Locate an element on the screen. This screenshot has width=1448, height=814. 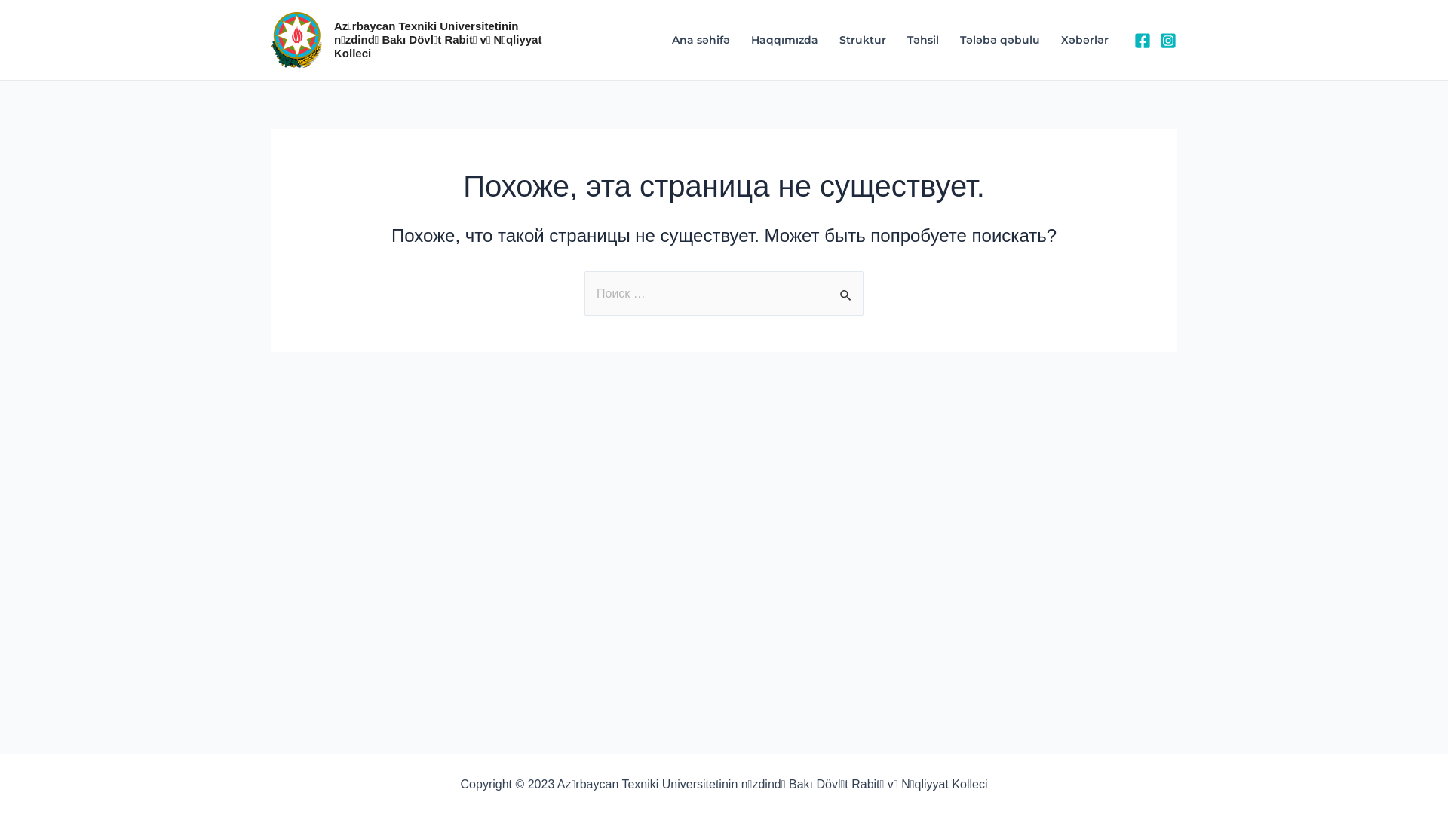
'Struktur' is located at coordinates (862, 39).